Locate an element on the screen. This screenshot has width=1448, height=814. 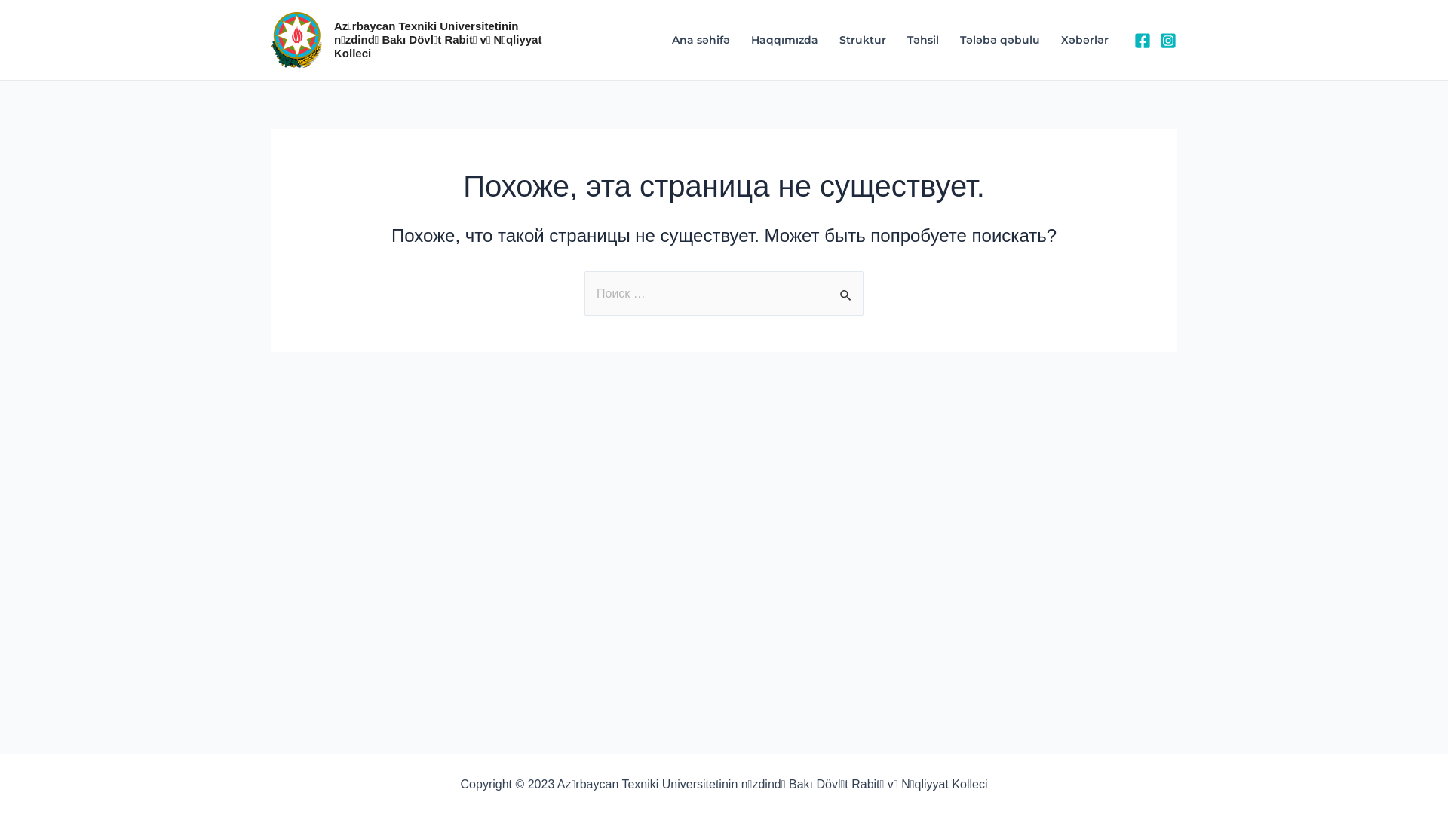
'Struktur' is located at coordinates (862, 39).